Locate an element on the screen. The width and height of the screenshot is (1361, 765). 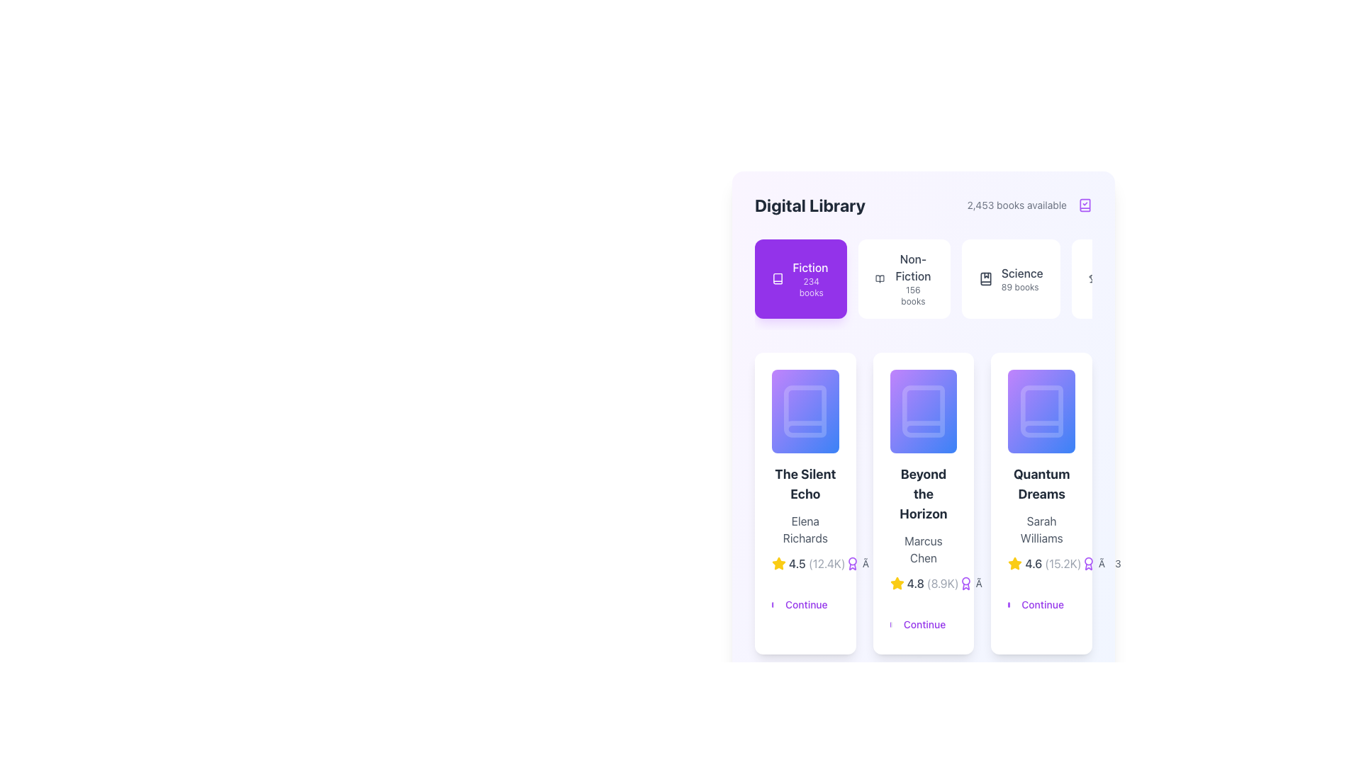
the 'Non-Fiction' category tag element in the Digital Library section is located at coordinates (923, 284).